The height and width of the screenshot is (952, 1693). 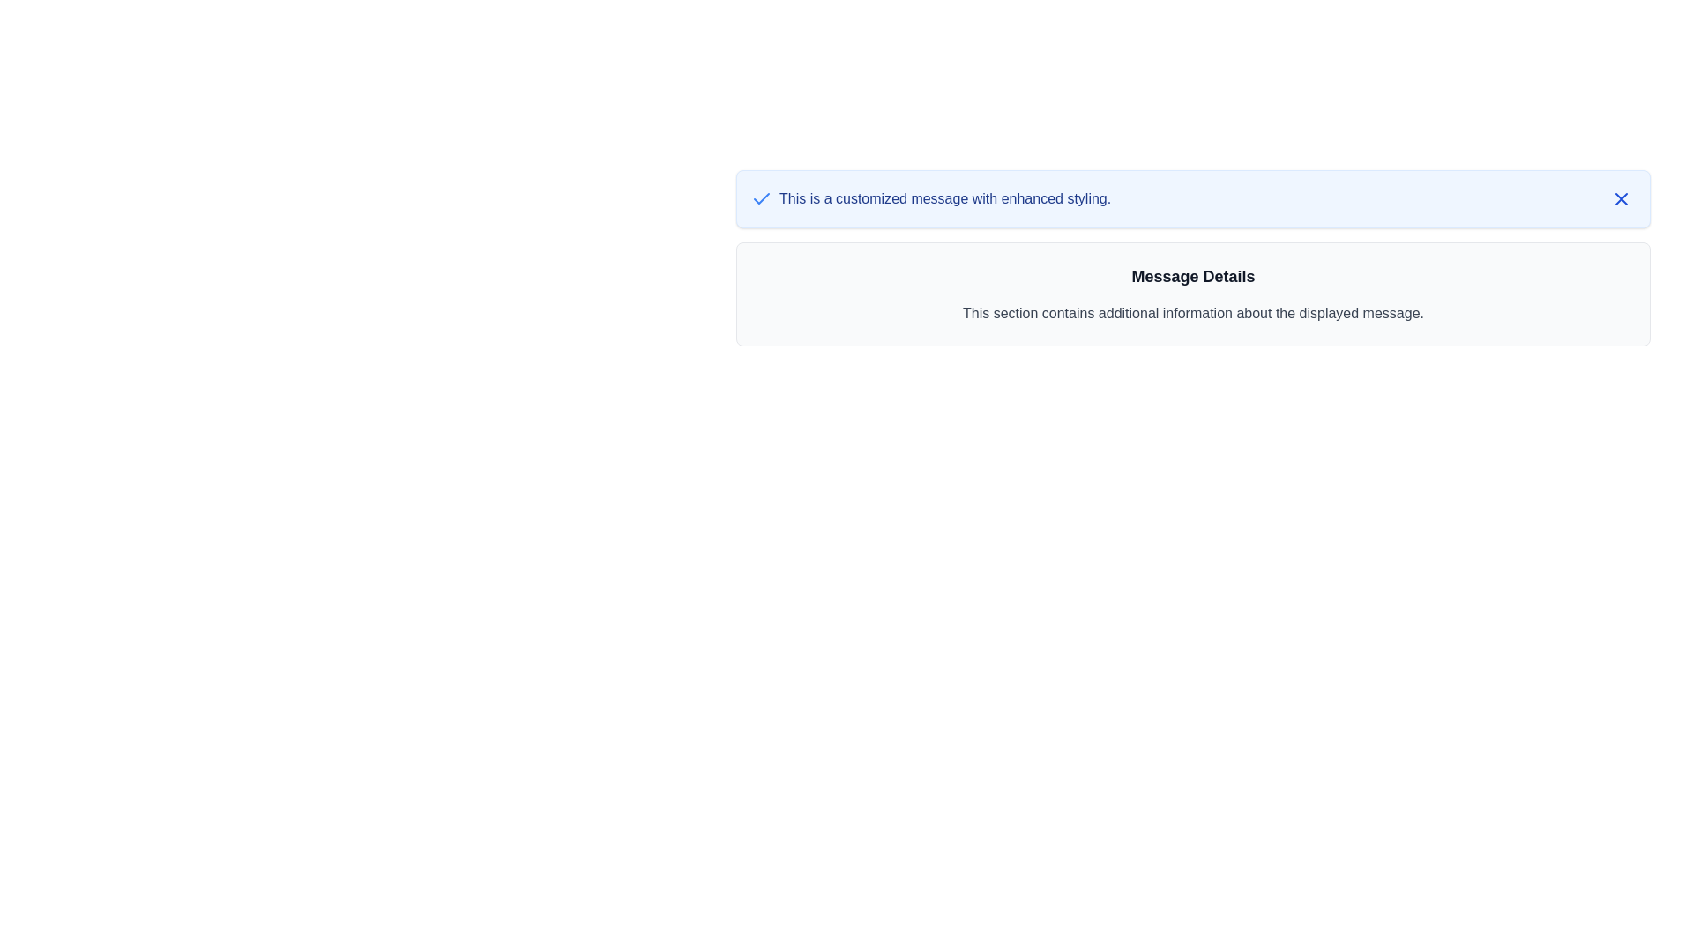 I want to click on the diagonal line segment of the cross (X) symbol in the top-right corner of the UI panel, so click(x=1621, y=198).